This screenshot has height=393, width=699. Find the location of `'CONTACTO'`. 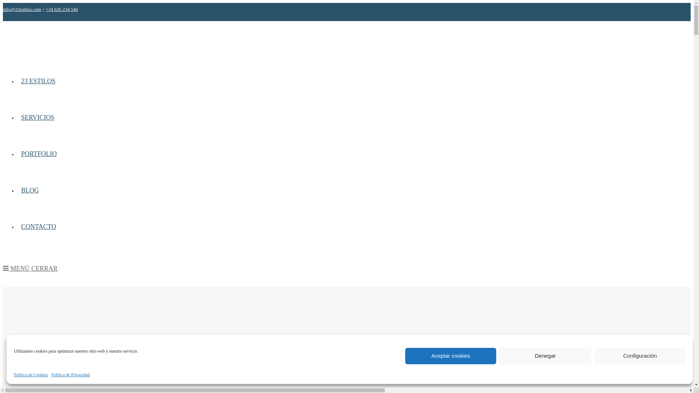

'CONTACTO' is located at coordinates (38, 226).